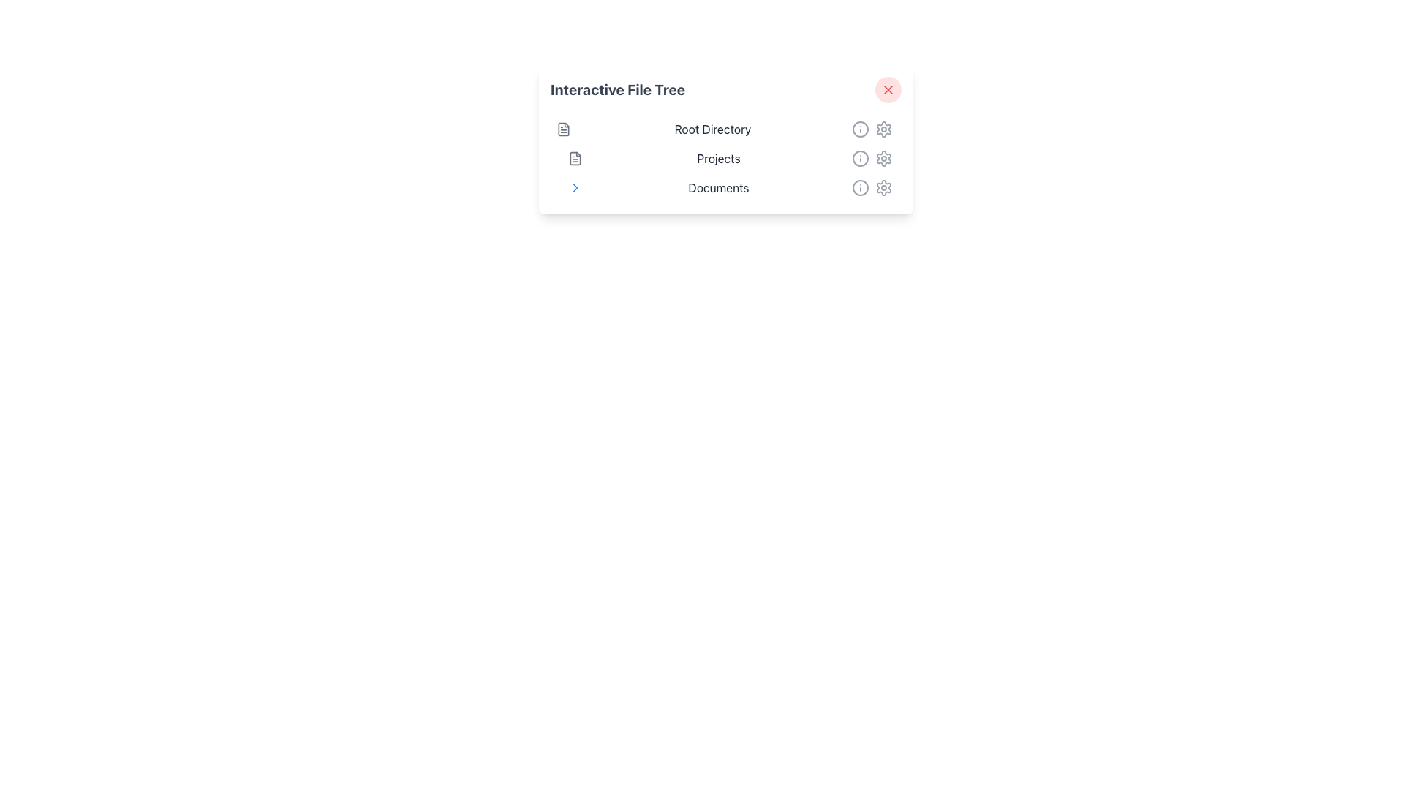  I want to click on the first visual block icon representing a document, which is styled in subtle gray tones and located to the left of the 'Root Directory' text for contextual information, so click(563, 129).